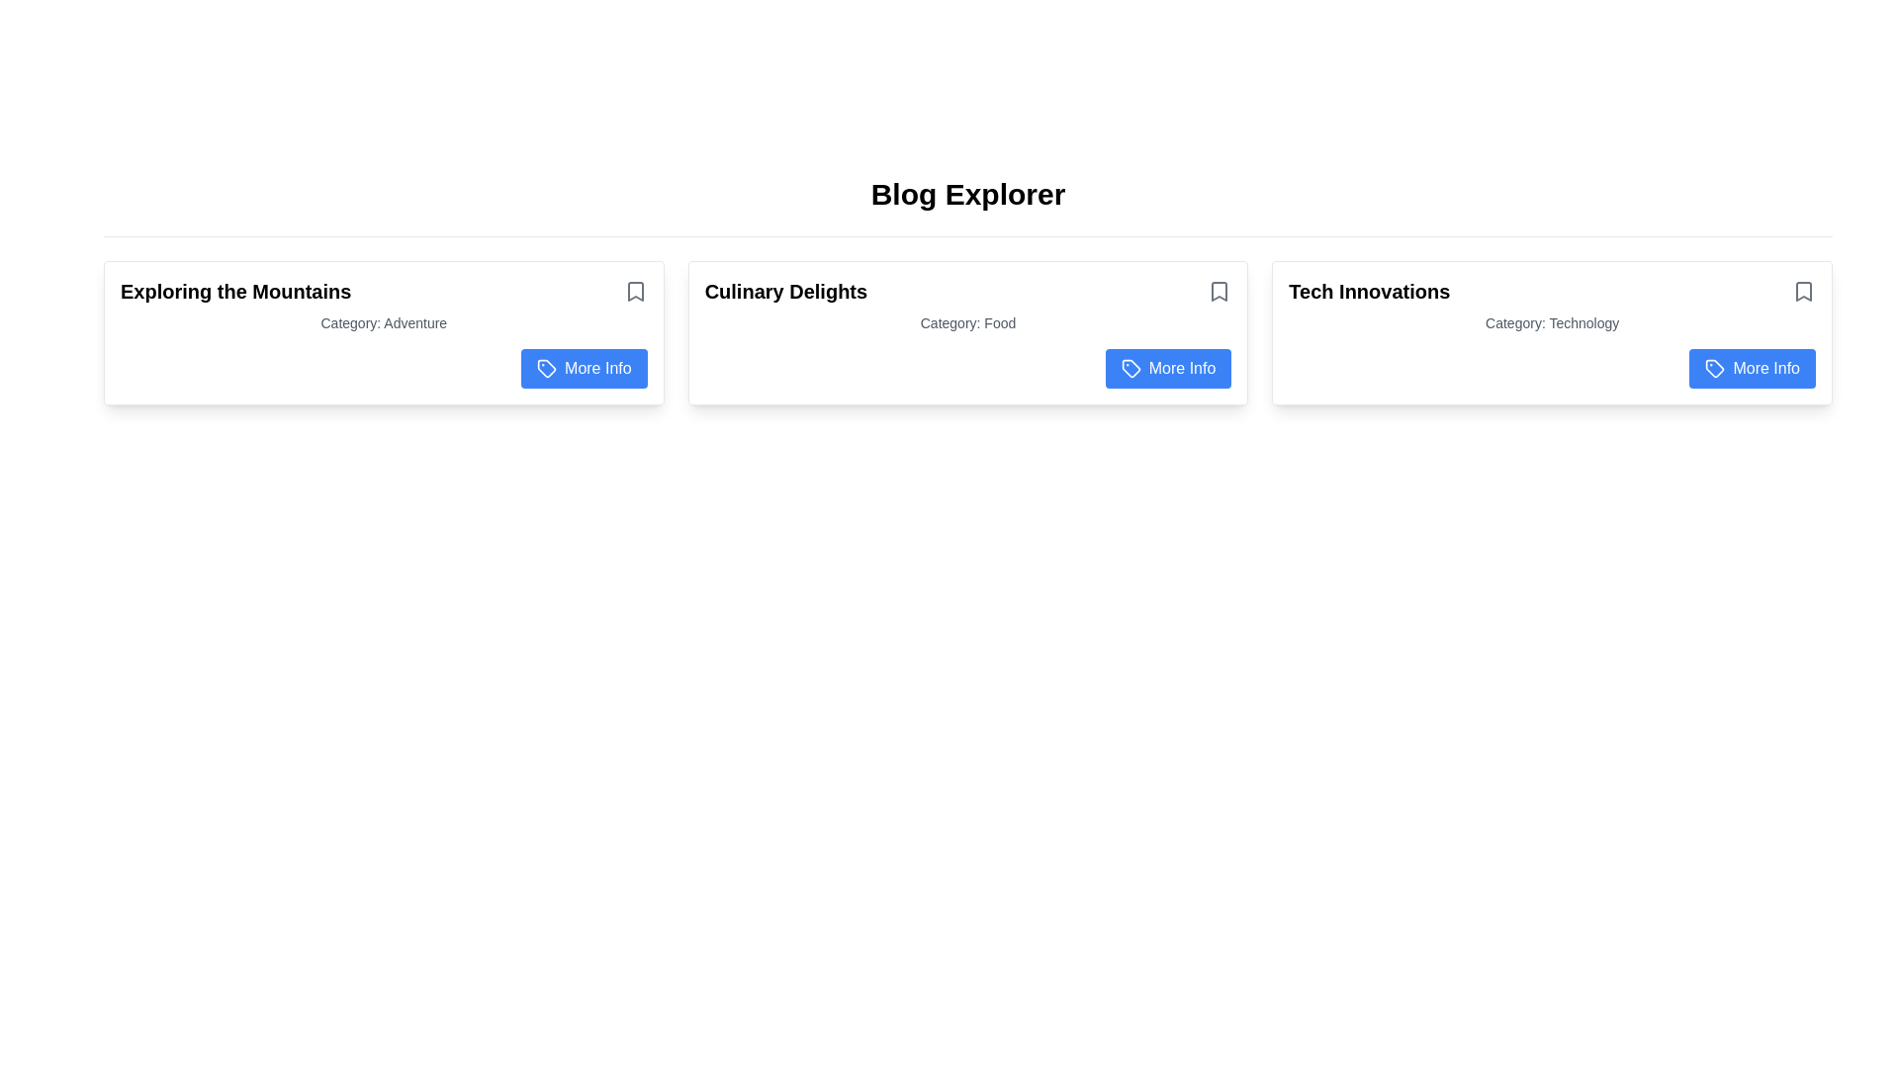  I want to click on the bookmark icon styled as a wireframe outline located in the top-right corner of the card labeled 'Exploring the Mountains', so click(635, 291).